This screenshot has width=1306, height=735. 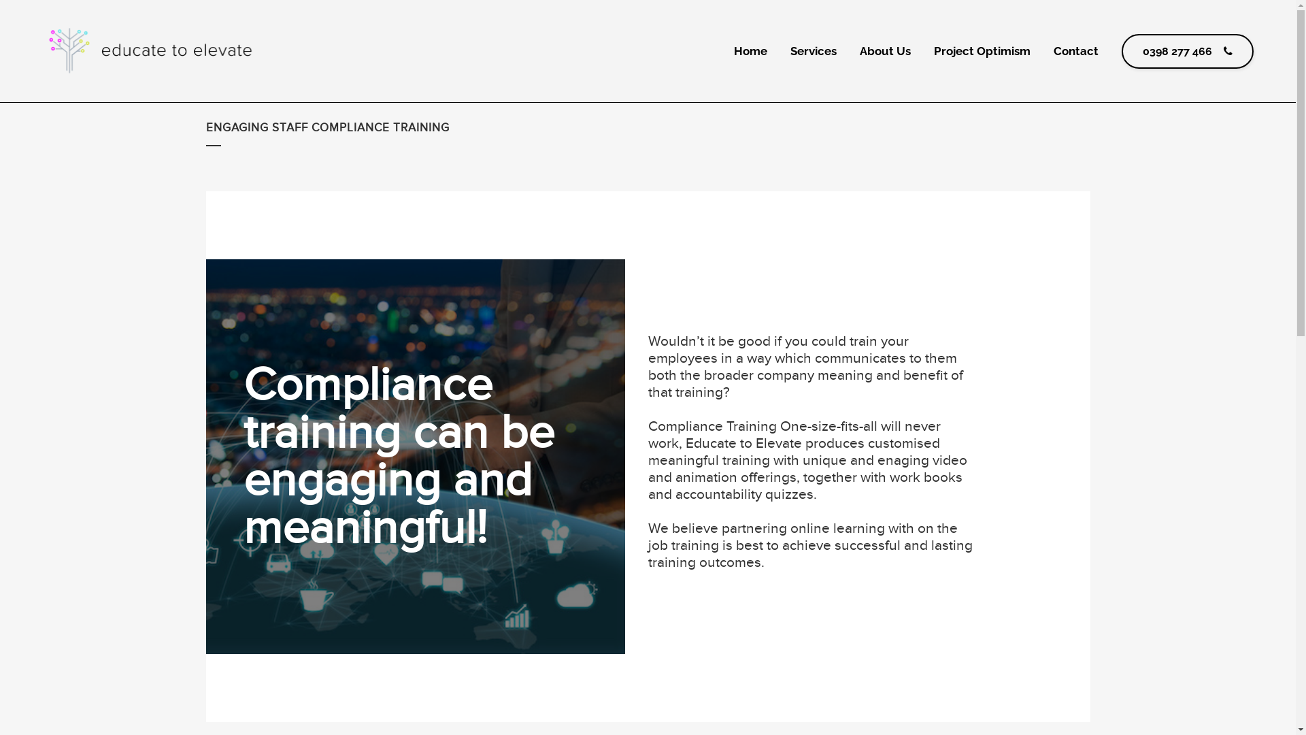 What do you see at coordinates (848, 50) in the screenshot?
I see `'About Us'` at bounding box center [848, 50].